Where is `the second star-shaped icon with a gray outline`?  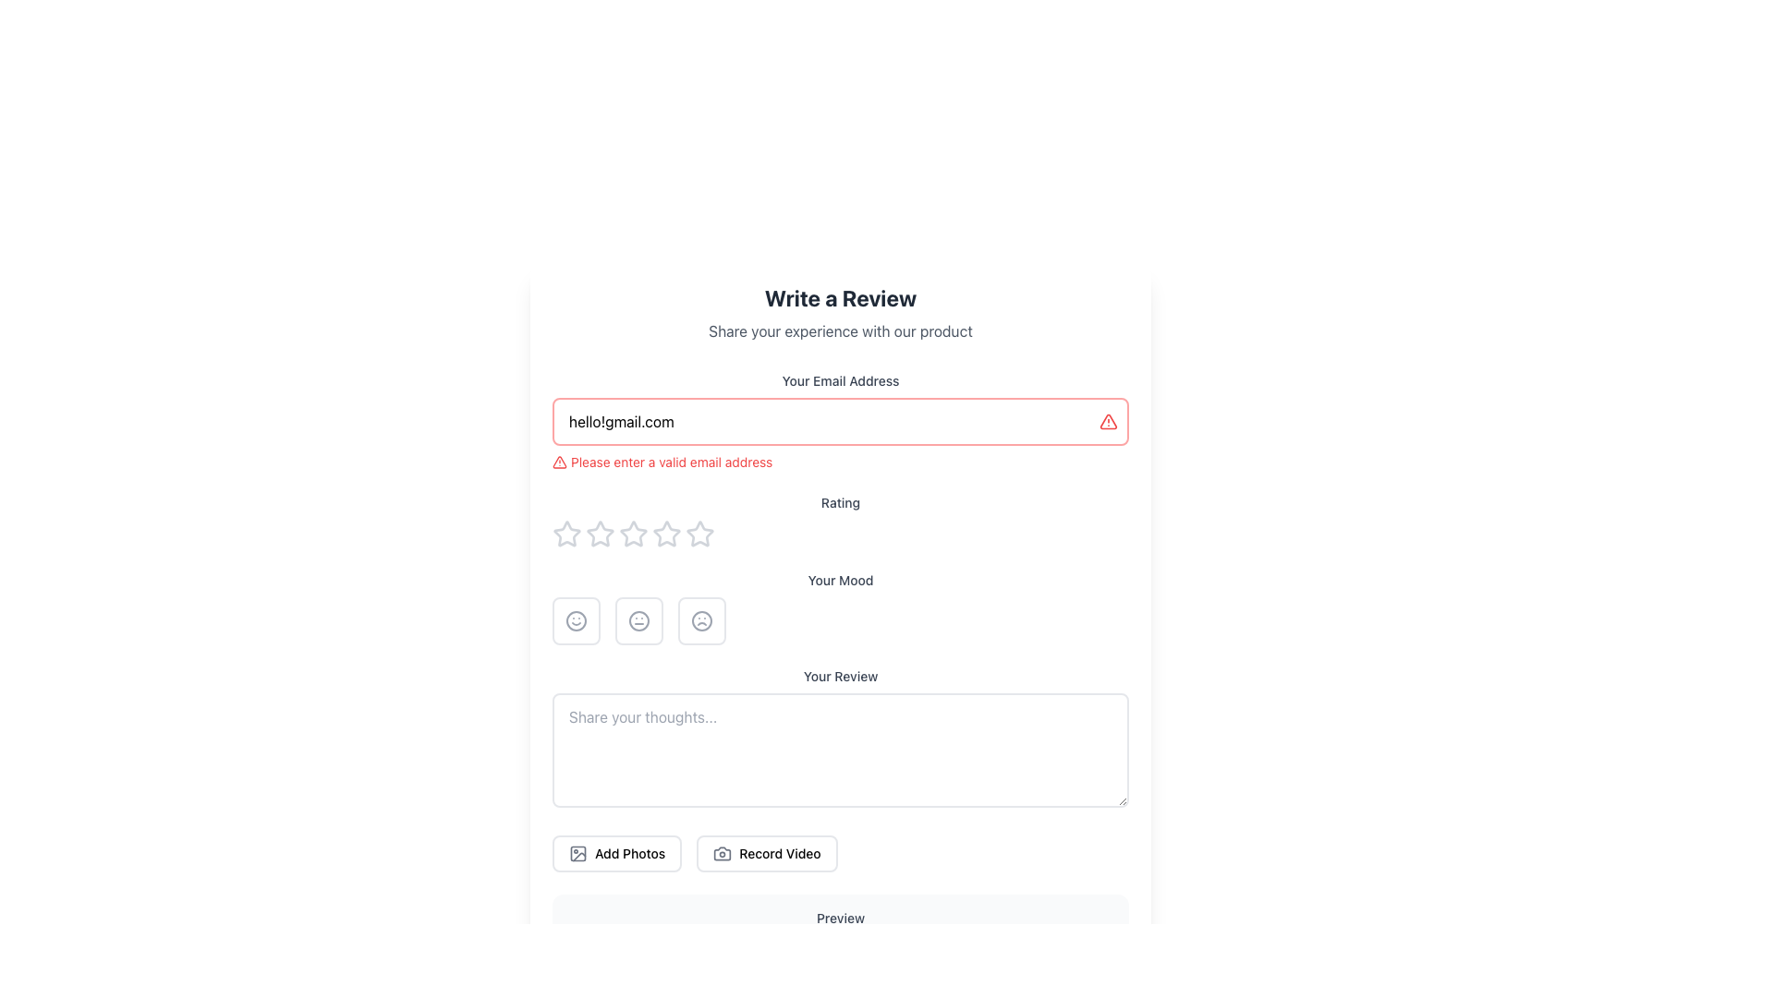 the second star-shaped icon with a gray outline is located at coordinates (600, 534).